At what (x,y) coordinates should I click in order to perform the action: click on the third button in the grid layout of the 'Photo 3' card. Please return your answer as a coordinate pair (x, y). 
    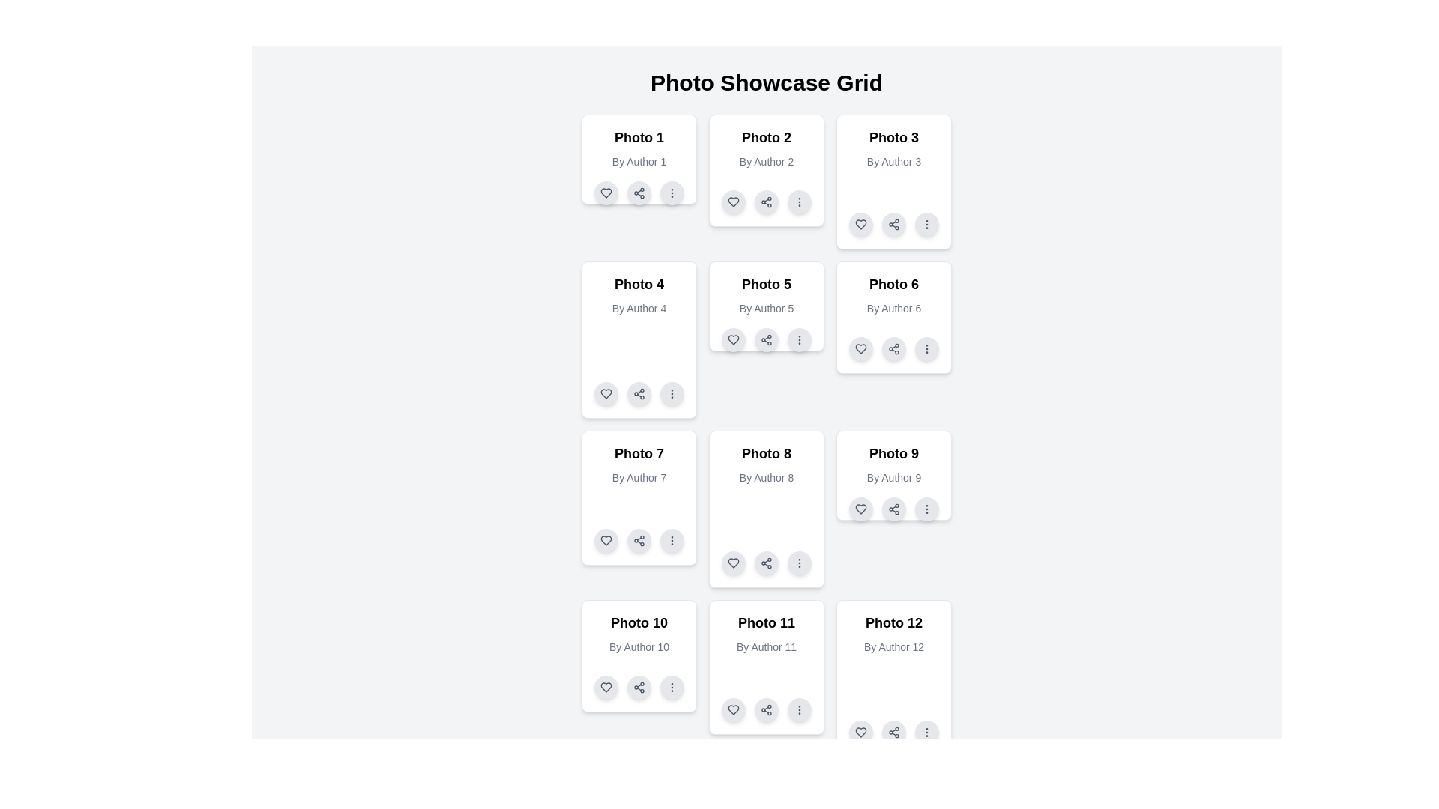
    Looking at the image, I should click on (926, 225).